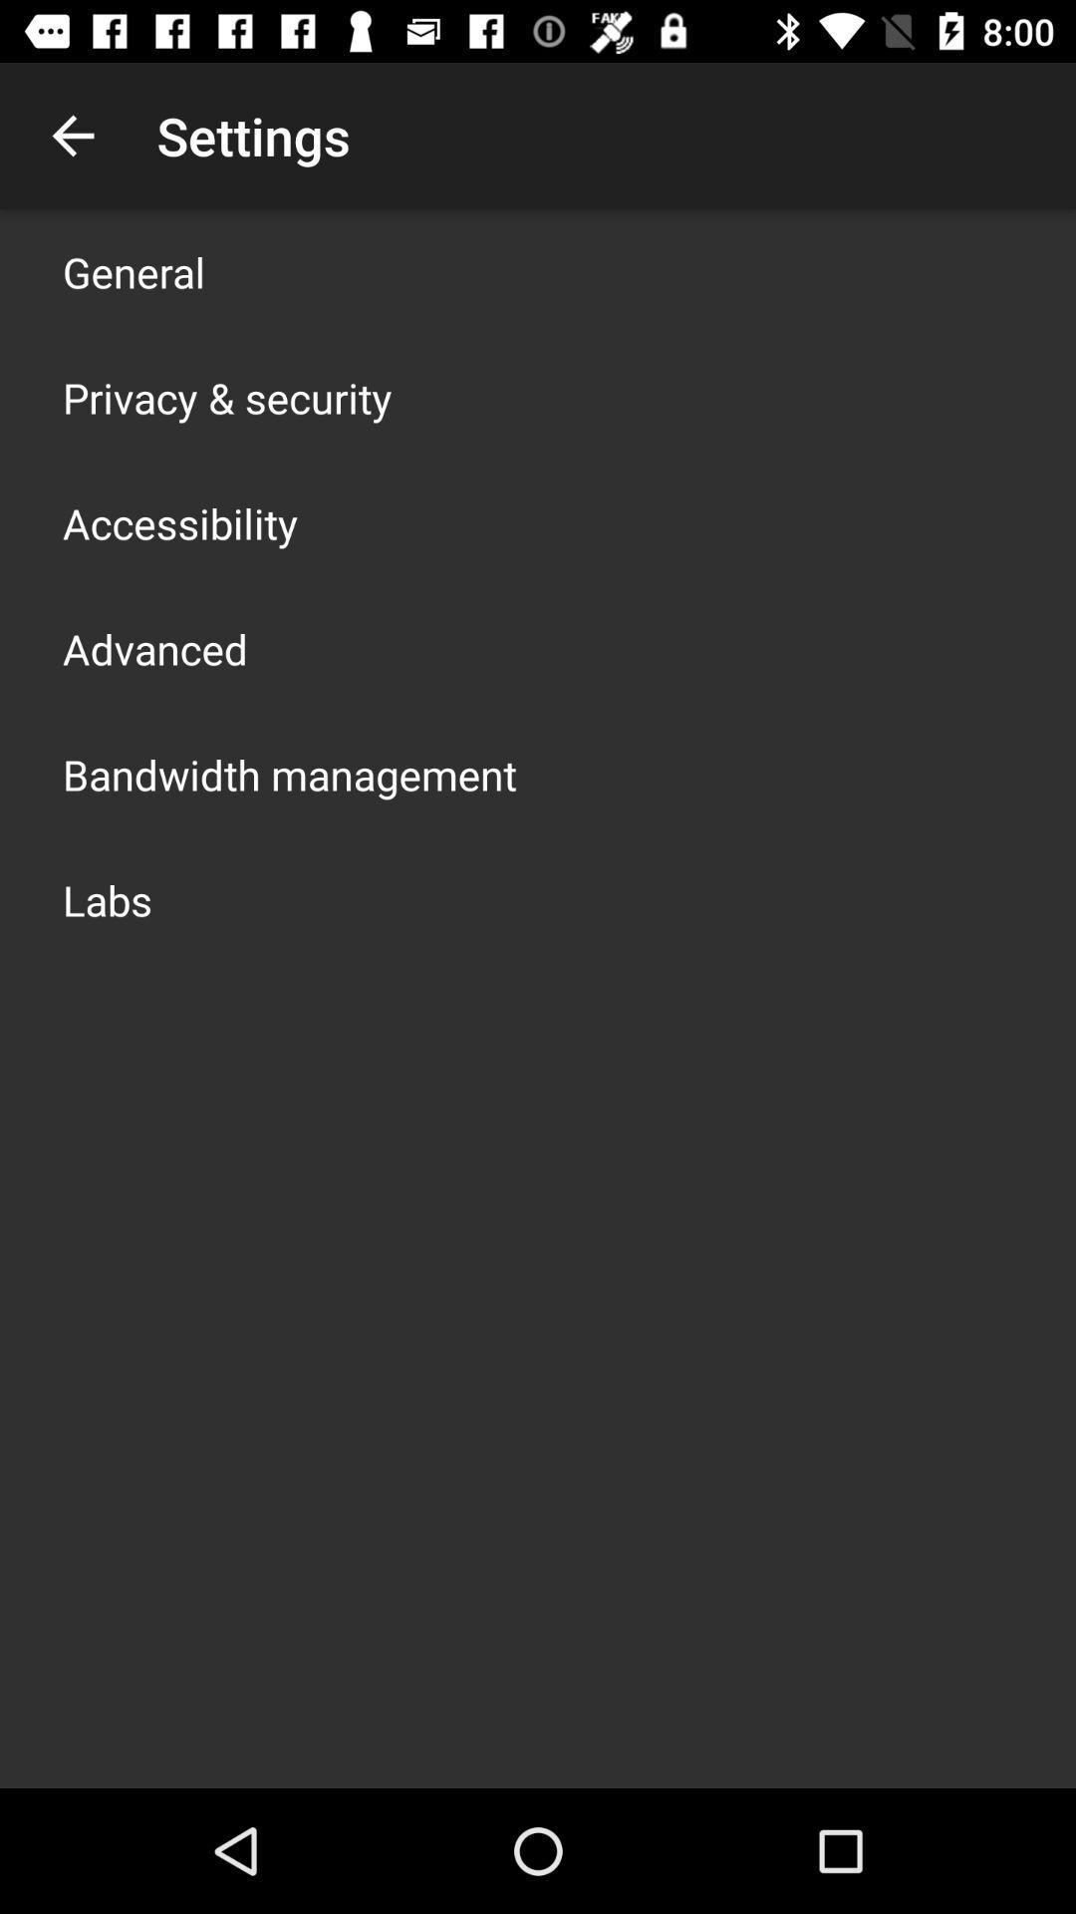 Image resolution: width=1076 pixels, height=1914 pixels. I want to click on the advanced app, so click(153, 649).